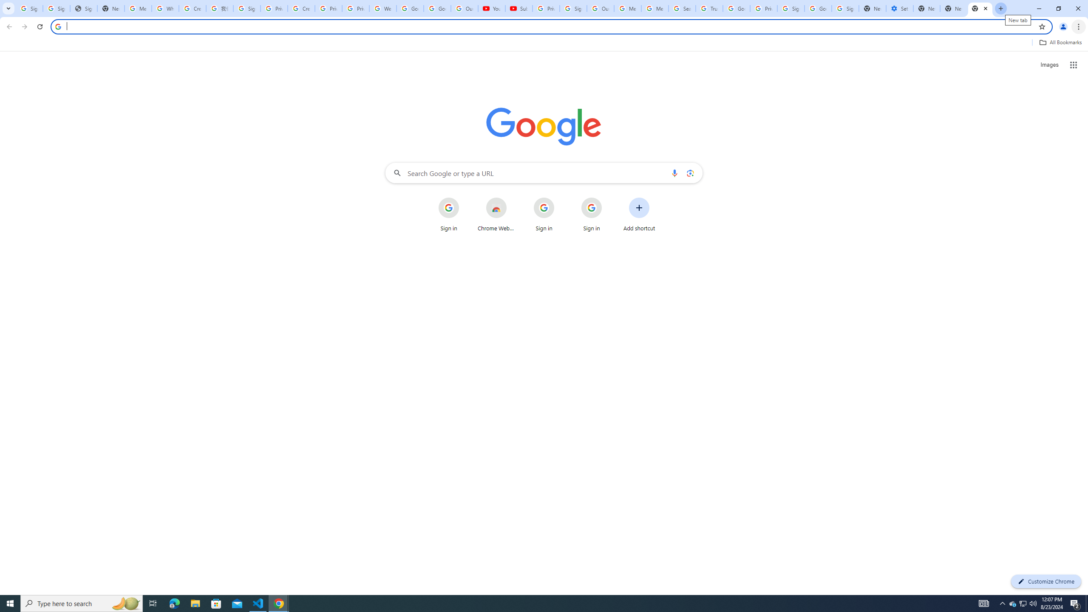 Image resolution: width=1088 pixels, height=612 pixels. What do you see at coordinates (496, 215) in the screenshot?
I see `'Chrome Web Store'` at bounding box center [496, 215].